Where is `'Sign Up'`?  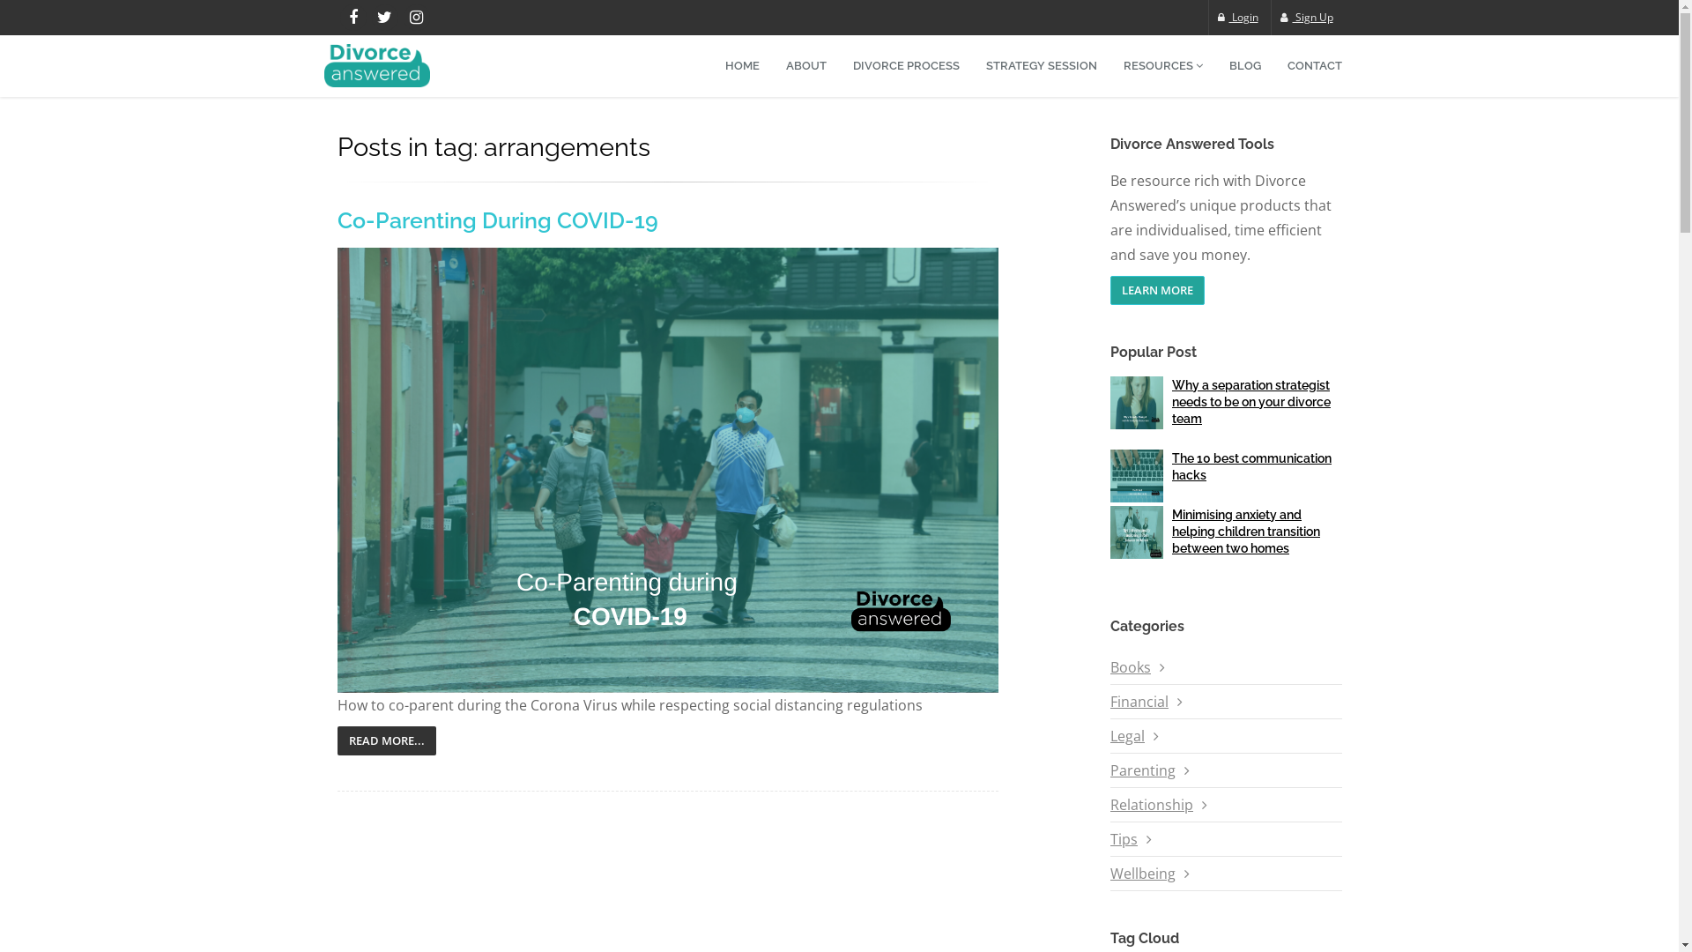
'Sign Up' is located at coordinates (1306, 17).